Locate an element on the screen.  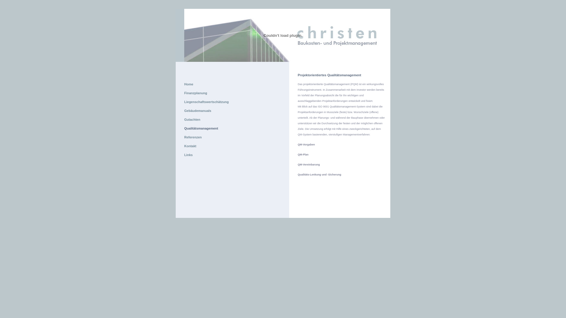
'QM-Vorgaben' is located at coordinates (306, 144).